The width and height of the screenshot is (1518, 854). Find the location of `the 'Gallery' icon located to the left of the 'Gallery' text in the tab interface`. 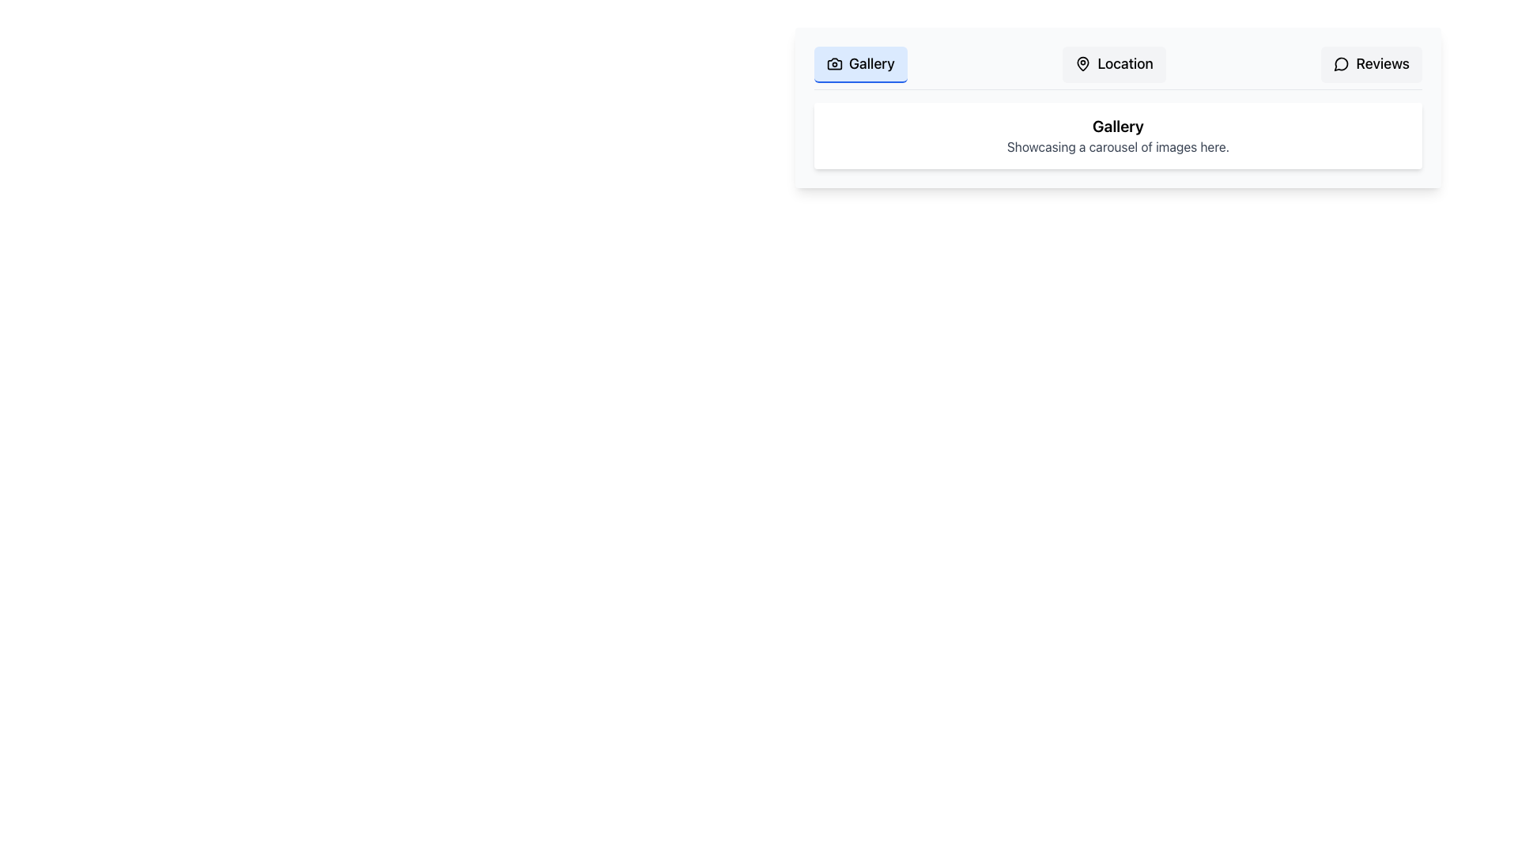

the 'Gallery' icon located to the left of the 'Gallery' text in the tab interface is located at coordinates (834, 63).